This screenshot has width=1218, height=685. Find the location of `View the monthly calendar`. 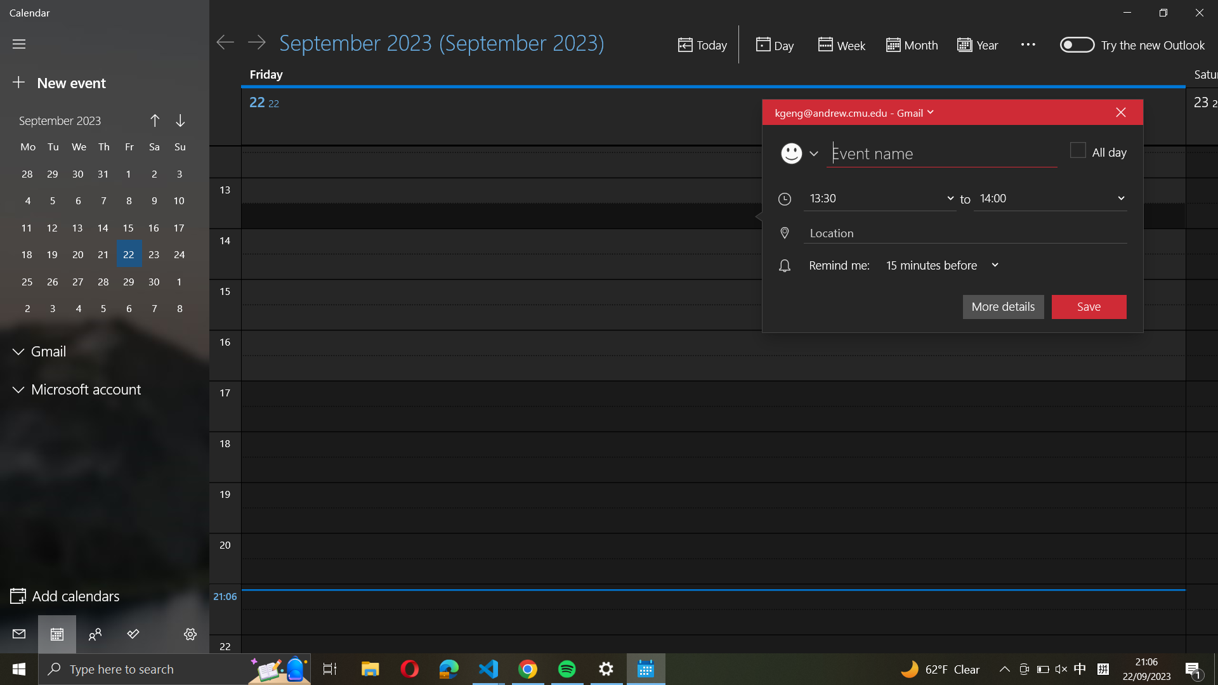

View the monthly calendar is located at coordinates (910, 45).